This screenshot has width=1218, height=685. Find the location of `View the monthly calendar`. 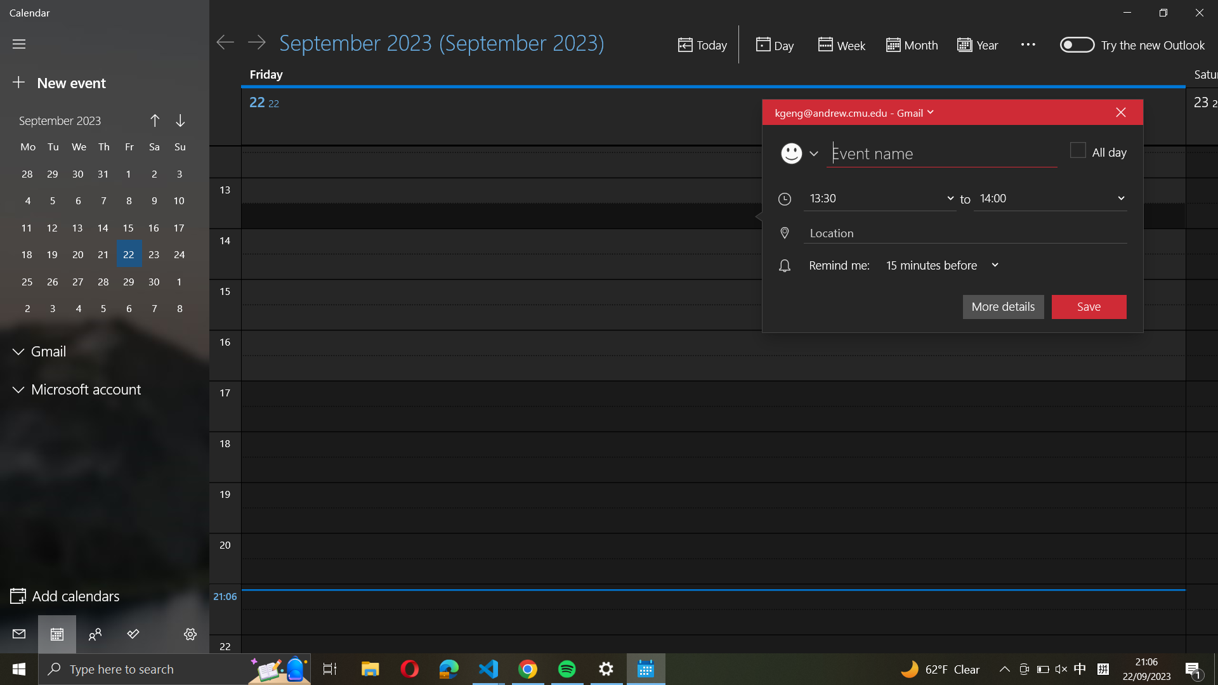

View the monthly calendar is located at coordinates (910, 45).